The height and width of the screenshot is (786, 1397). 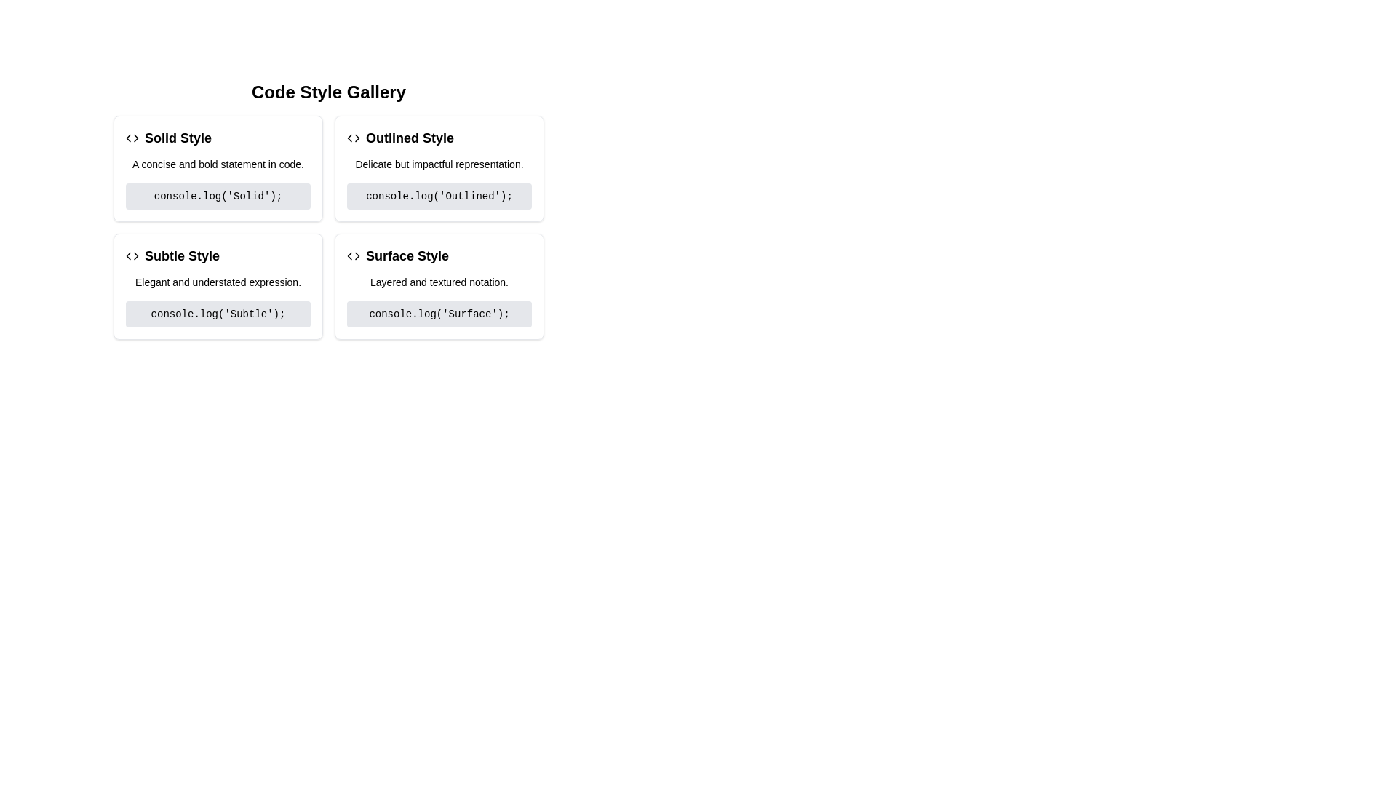 I want to click on the code block displaying the text 'console.log('Subtle');', so click(x=217, y=314).